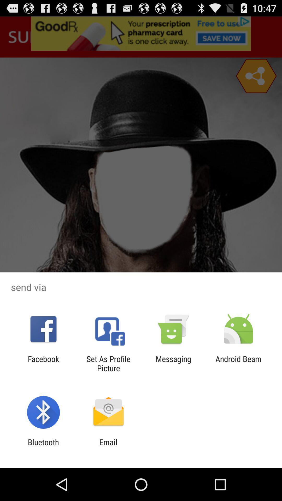  Describe the element at coordinates (108, 446) in the screenshot. I see `the email` at that location.